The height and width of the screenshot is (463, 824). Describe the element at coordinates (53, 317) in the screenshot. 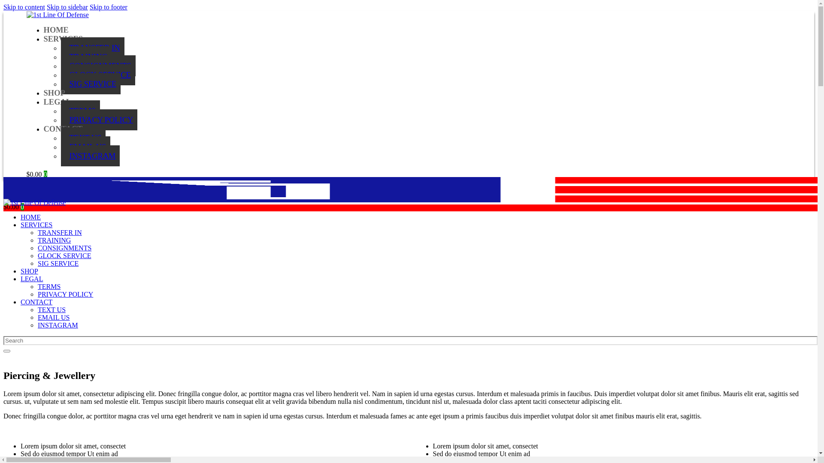

I see `'EMAIL US'` at that location.